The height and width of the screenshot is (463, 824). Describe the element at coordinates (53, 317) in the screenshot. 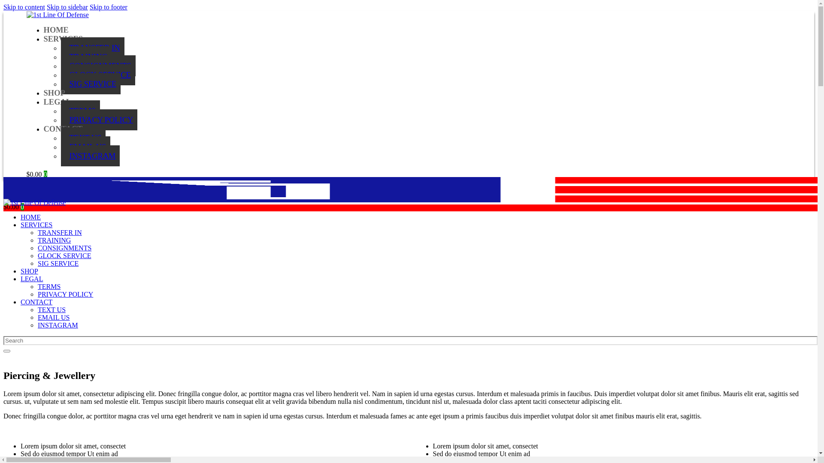

I see `'EMAIL US'` at that location.